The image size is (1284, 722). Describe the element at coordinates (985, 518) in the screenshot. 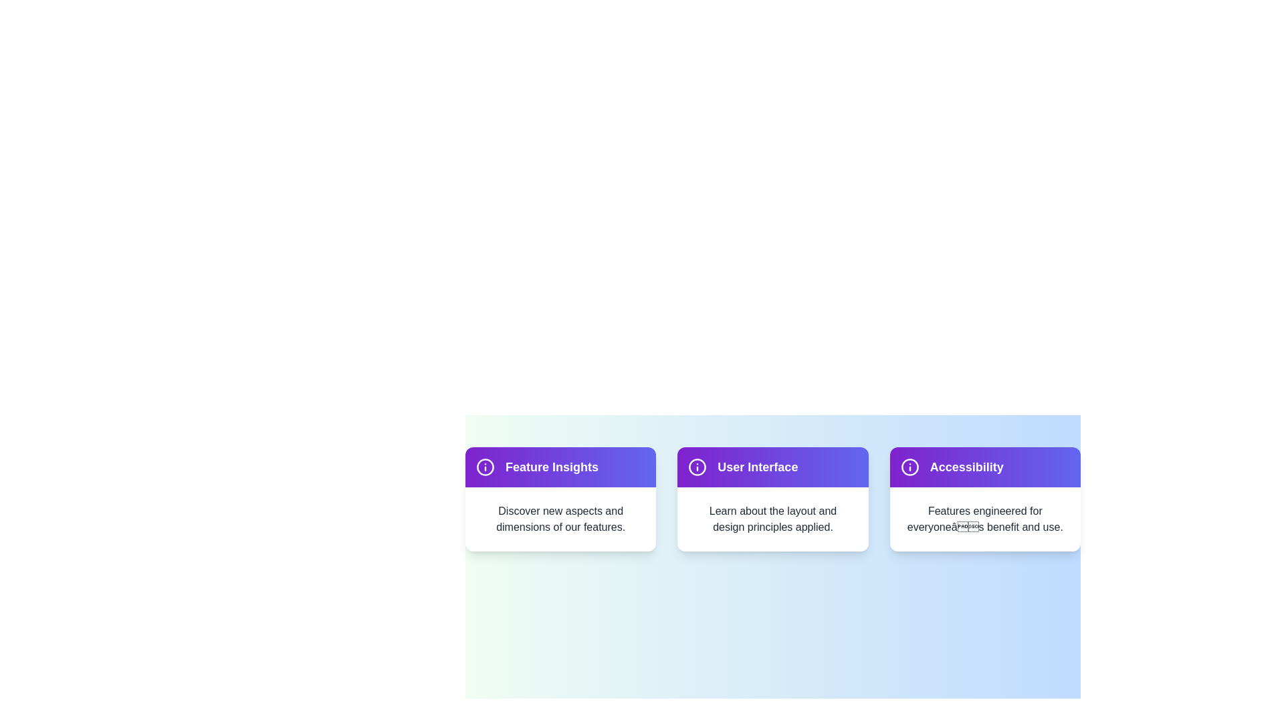

I see `descriptive information provided in the text block located in the 'Accessibility' card, which is the third card in a horizontally-aligned row of three cards` at that location.